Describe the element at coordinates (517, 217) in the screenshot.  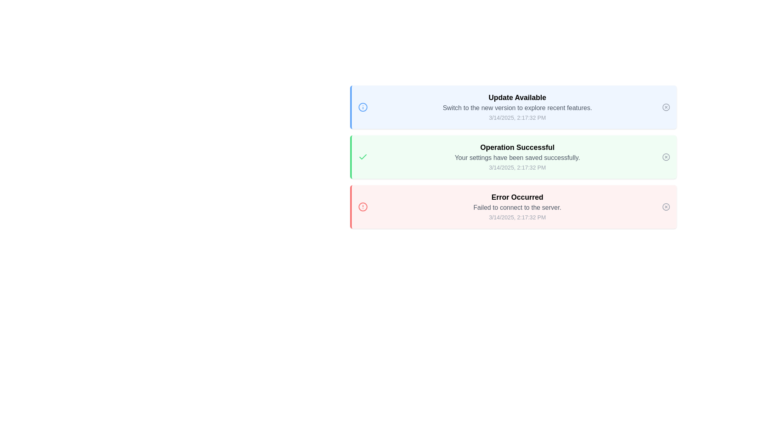
I see `the static text displaying '3/14/2025, 2:17:32 PM' located within the error notification card, which is styled in light gray and positioned below the error message 'Failed to connect to the server.'` at that location.